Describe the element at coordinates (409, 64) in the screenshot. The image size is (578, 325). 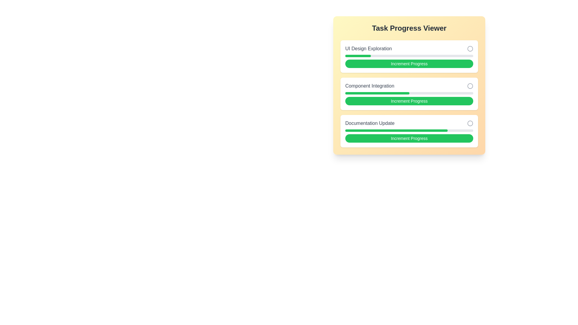
I see `the 'Increment Progress' button, which is a green button with rounded edges and white text, located under the 'Task Progress Viewer' interface` at that location.